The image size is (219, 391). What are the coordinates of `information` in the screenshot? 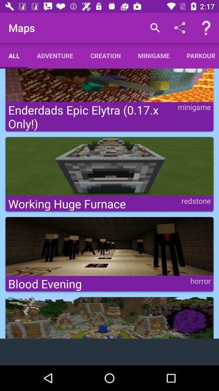 It's located at (206, 28).